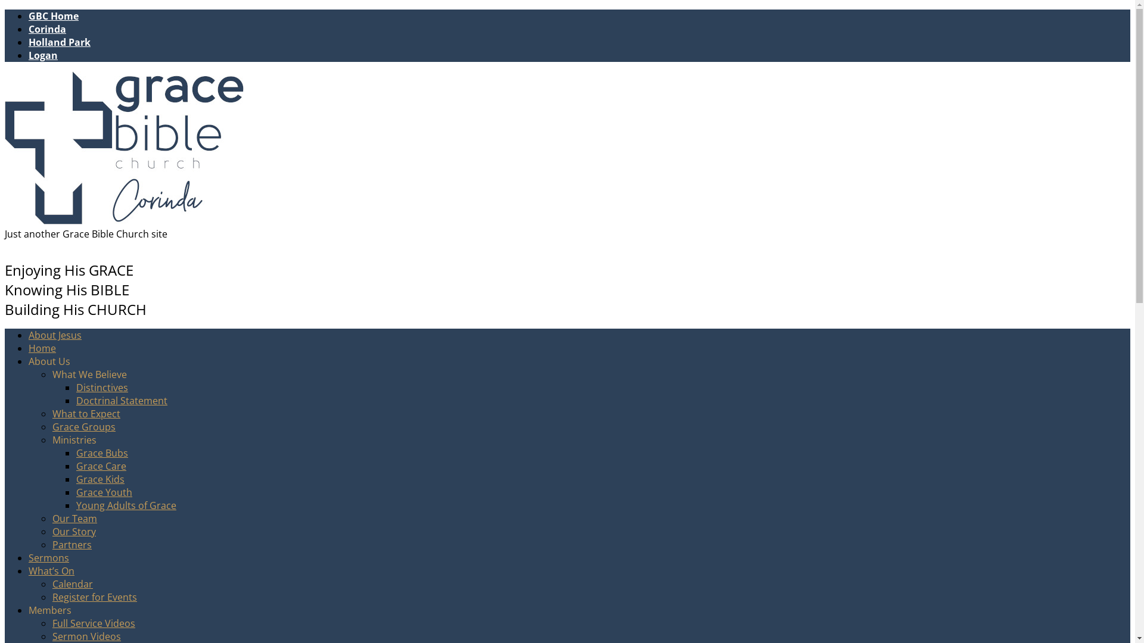 The image size is (1144, 643). I want to click on 'Grace Care', so click(76, 466).